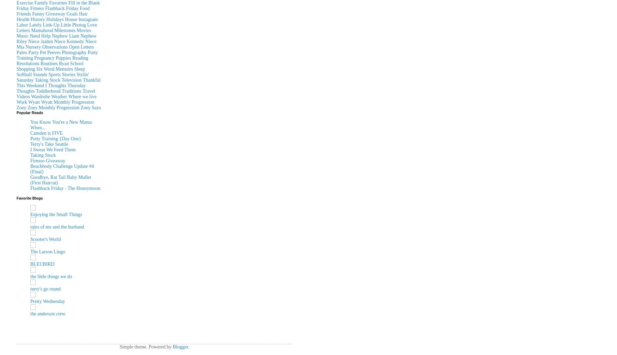 This screenshot has height=355, width=617. Describe the element at coordinates (22, 102) in the screenshot. I see `'Work'` at that location.